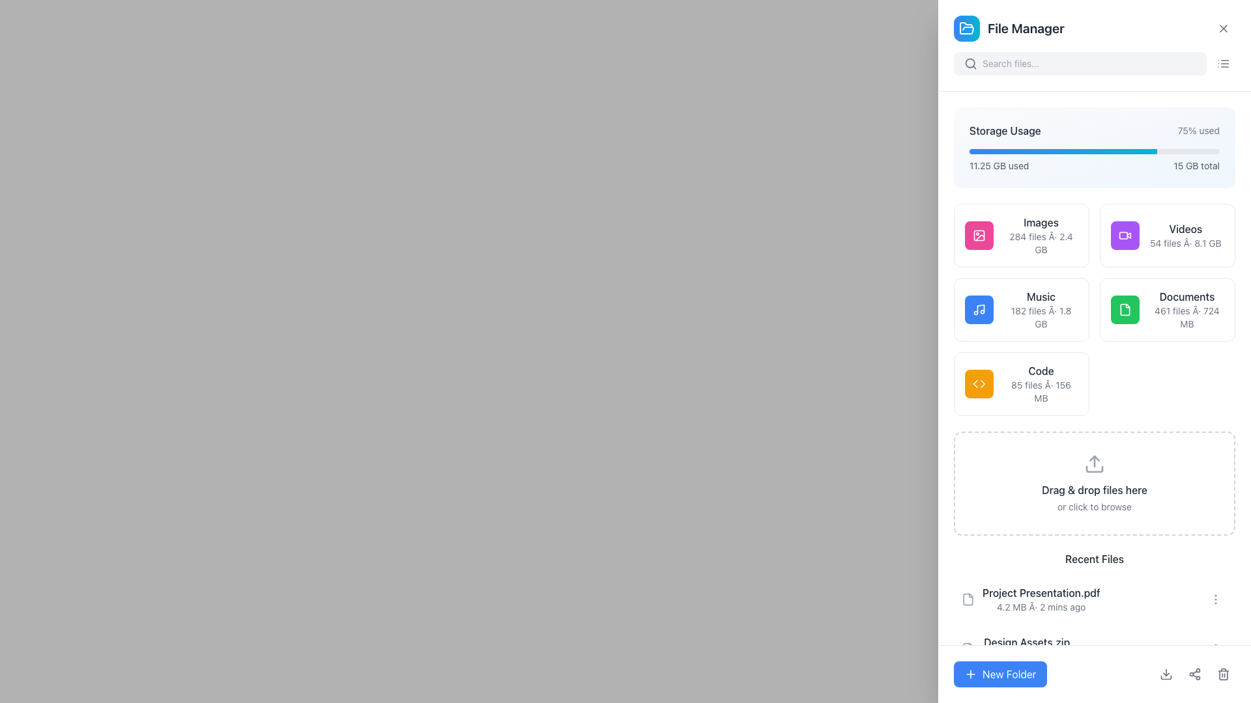 The image size is (1251, 703). What do you see at coordinates (1063, 150) in the screenshot?
I see `the progress bar segment indicating 75% of the total storage usage in the File Manager interface` at bounding box center [1063, 150].